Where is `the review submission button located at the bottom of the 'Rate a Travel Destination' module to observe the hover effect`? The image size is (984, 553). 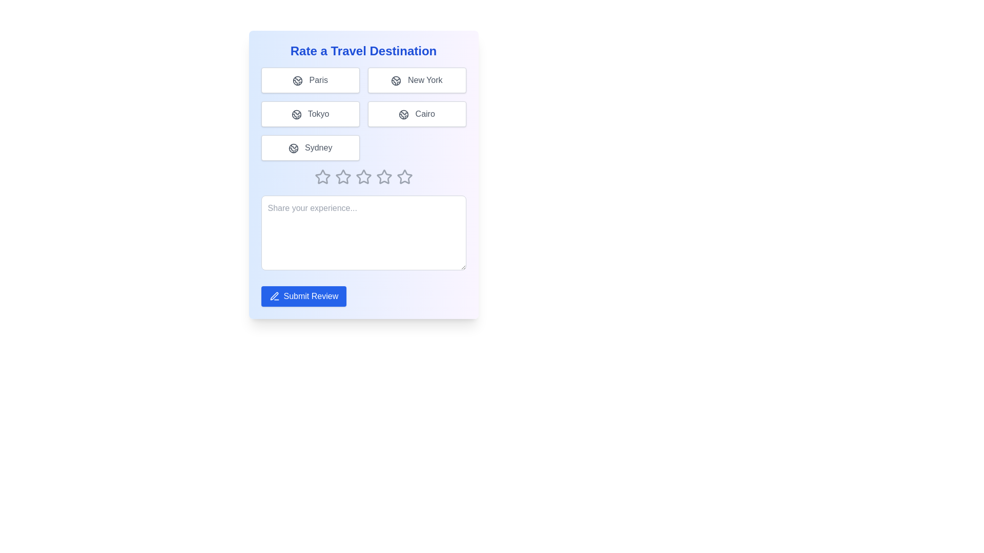
the review submission button located at the bottom of the 'Rate a Travel Destination' module to observe the hover effect is located at coordinates (303, 296).